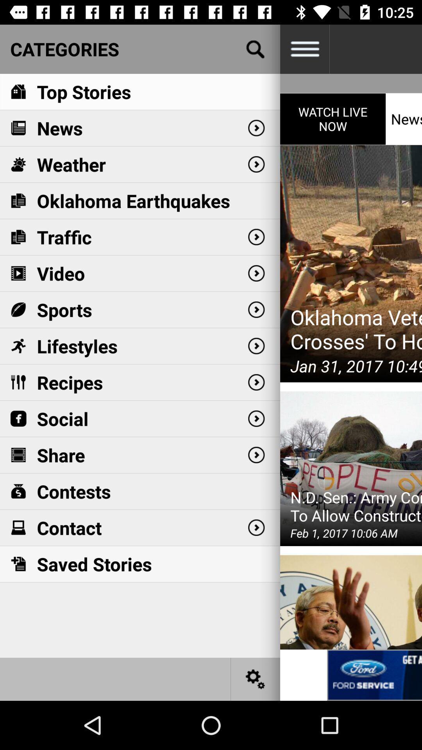  I want to click on advertisement, so click(374, 675).